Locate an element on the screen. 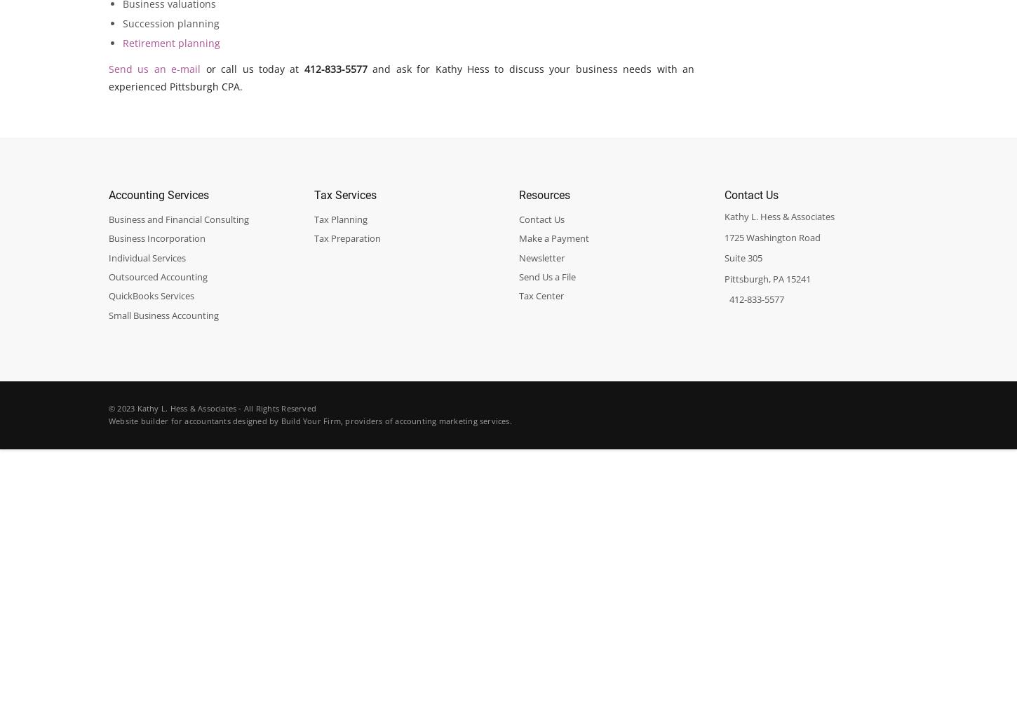  'Pittsburgh, PA 15241' is located at coordinates (766, 278).